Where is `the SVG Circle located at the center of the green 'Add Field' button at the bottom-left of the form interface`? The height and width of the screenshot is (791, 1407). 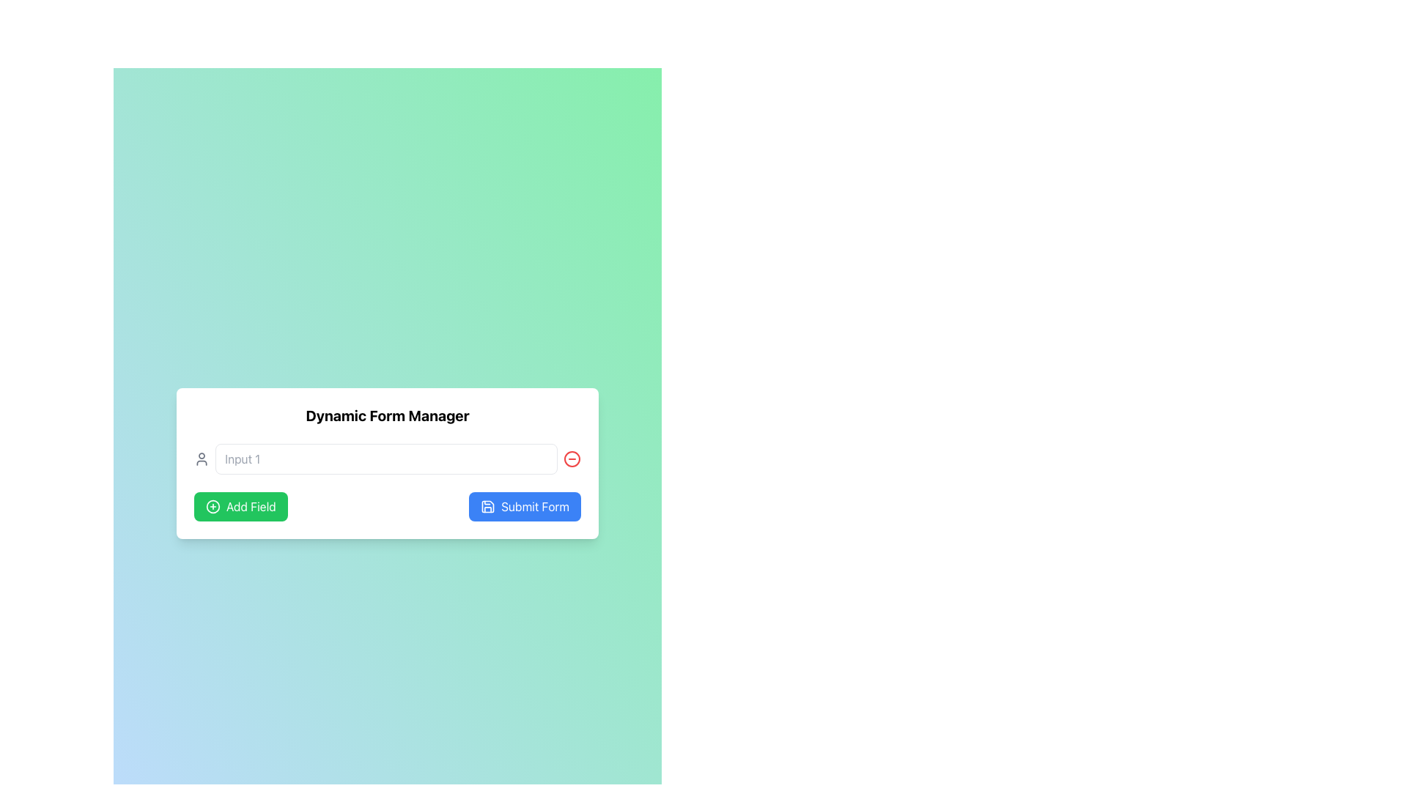
the SVG Circle located at the center of the green 'Add Field' button at the bottom-left of the form interface is located at coordinates (213, 505).